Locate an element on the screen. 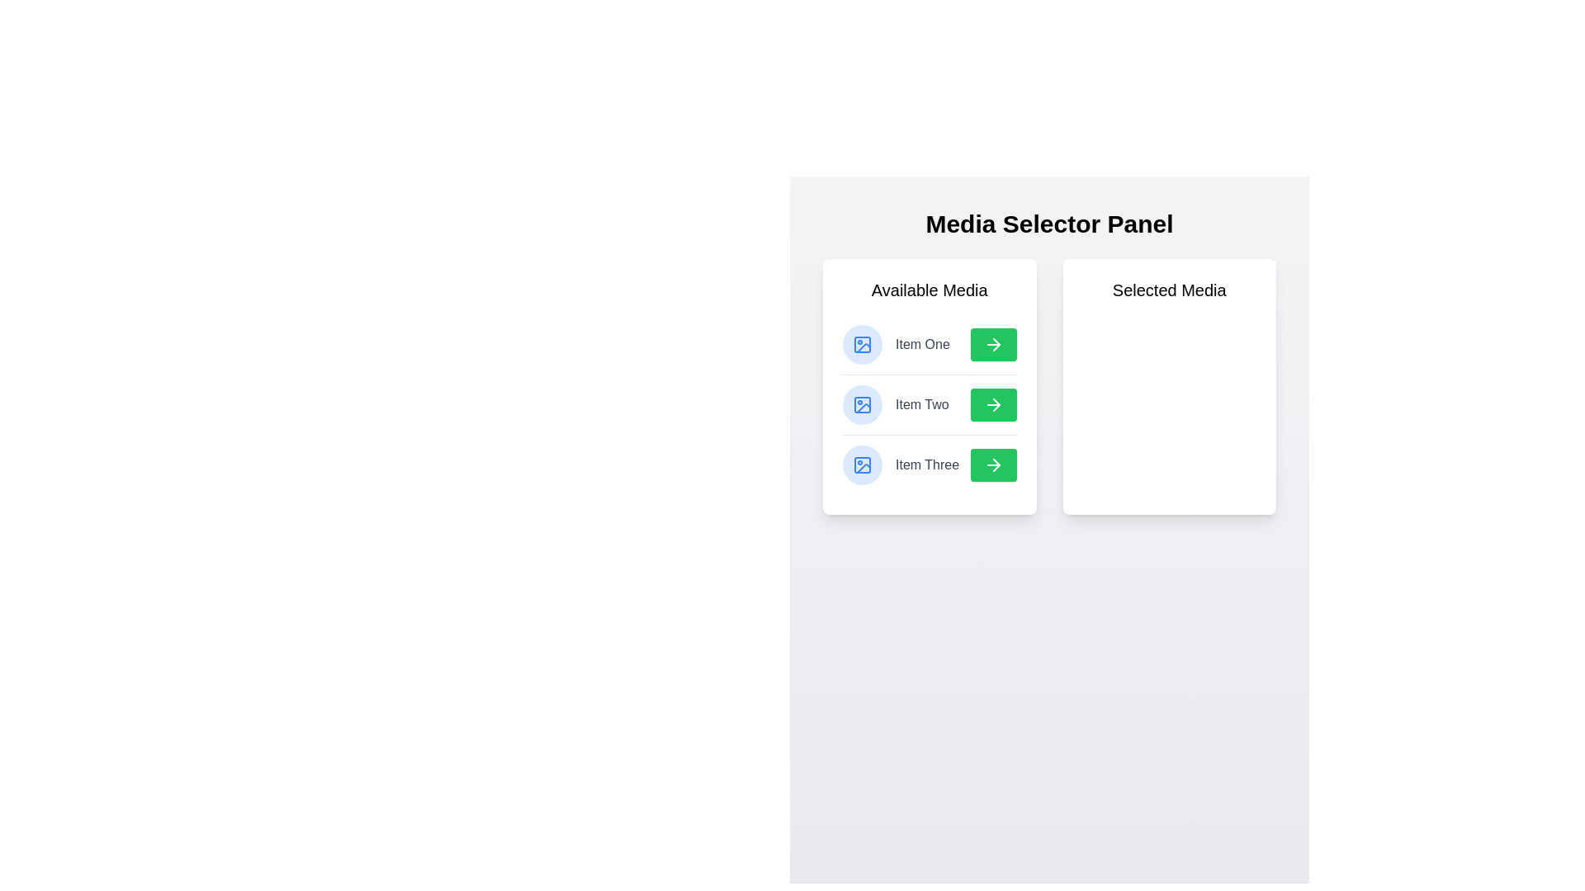  the second green button under 'Available Media' associated with 'Item Two' is located at coordinates (992, 404).